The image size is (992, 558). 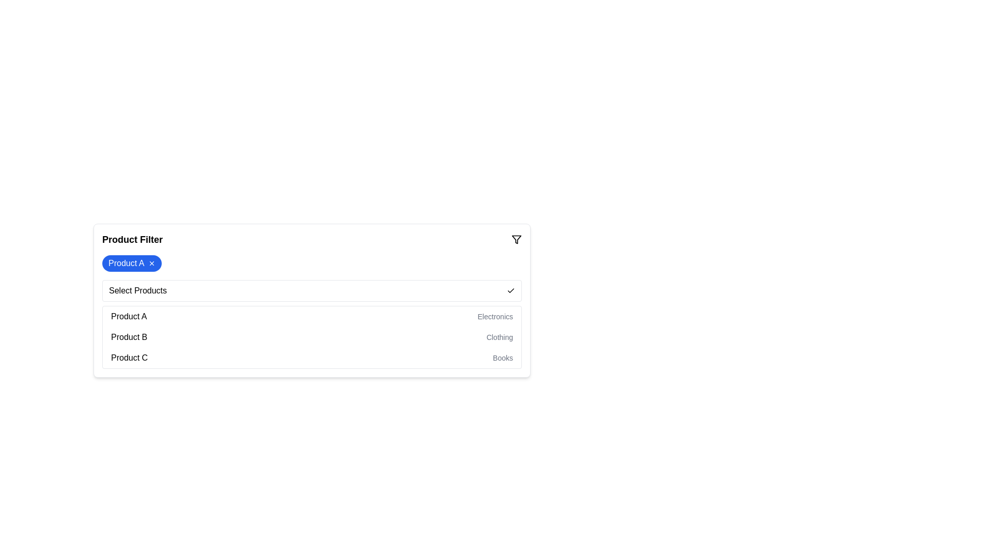 What do you see at coordinates (128, 316) in the screenshot?
I see `the Text Label displaying 'Product A' in the product selection list` at bounding box center [128, 316].